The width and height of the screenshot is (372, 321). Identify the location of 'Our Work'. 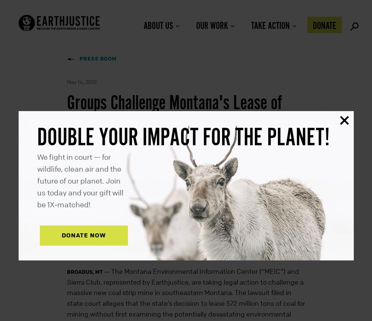
(211, 26).